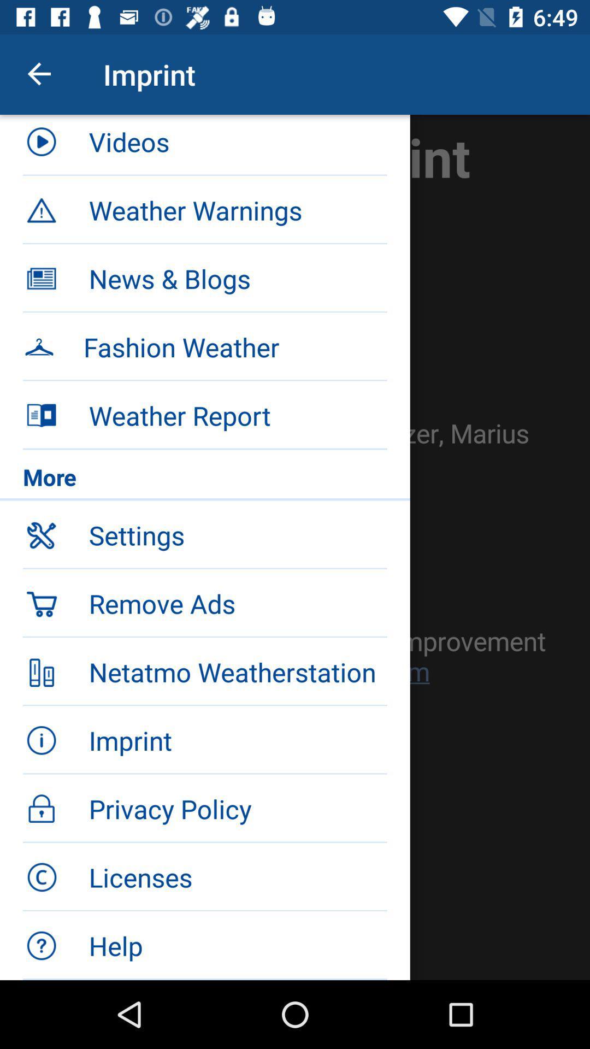 The width and height of the screenshot is (590, 1049). I want to click on the weather warnings icon, so click(237, 210).